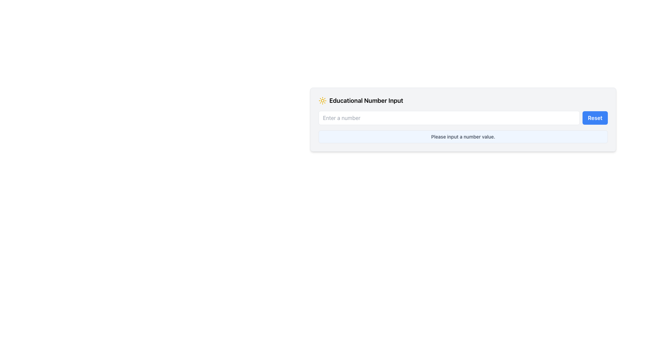 Image resolution: width=648 pixels, height=364 pixels. I want to click on the decorative icon representing the 'Educational Number Input' component, which is positioned to the left of the text, so click(322, 101).